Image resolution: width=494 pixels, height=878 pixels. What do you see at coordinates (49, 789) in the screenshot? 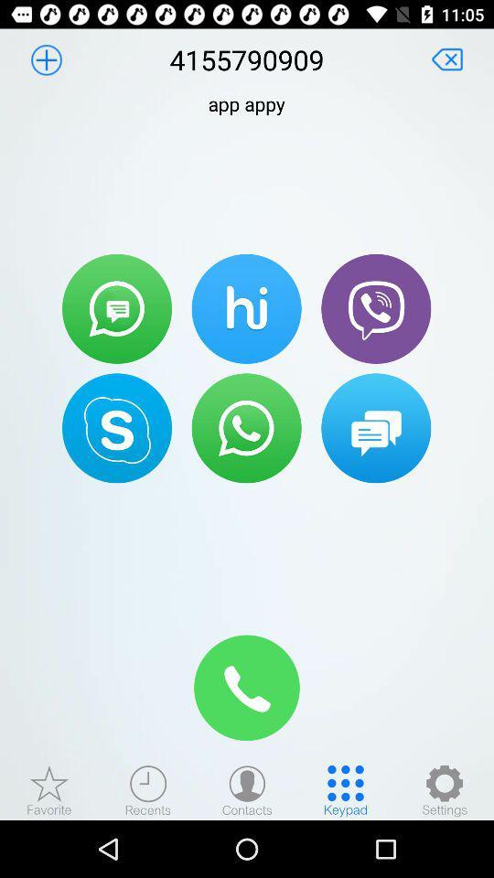
I see `favorite contacts` at bounding box center [49, 789].